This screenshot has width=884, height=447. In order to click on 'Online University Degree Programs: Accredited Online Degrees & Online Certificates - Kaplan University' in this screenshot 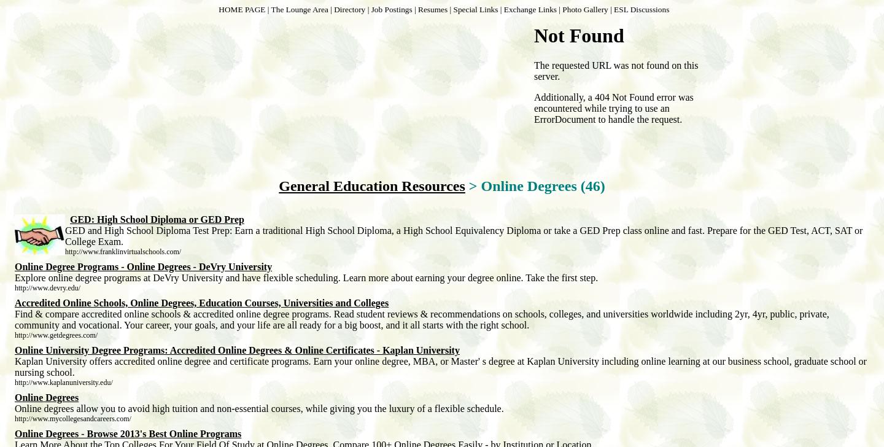, I will do `click(14, 350)`.